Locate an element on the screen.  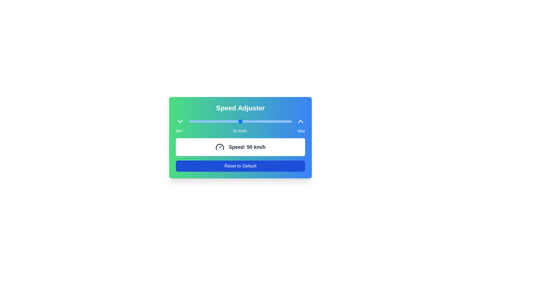
the downward-facing chevron icon on the left side of the Speed Adjuster panel is located at coordinates (180, 121).